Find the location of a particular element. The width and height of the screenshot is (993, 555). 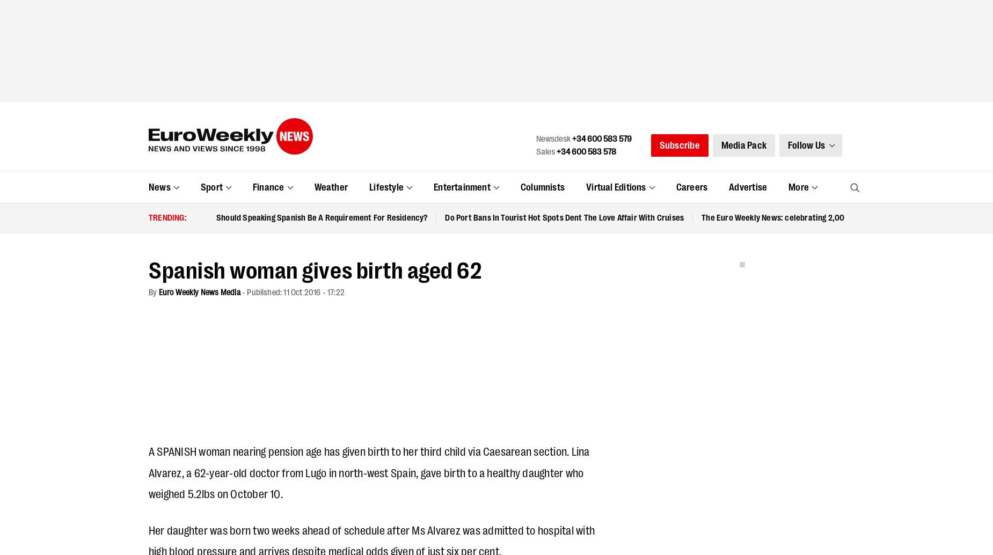

'Euro Weekly News Media' is located at coordinates (312, 212).